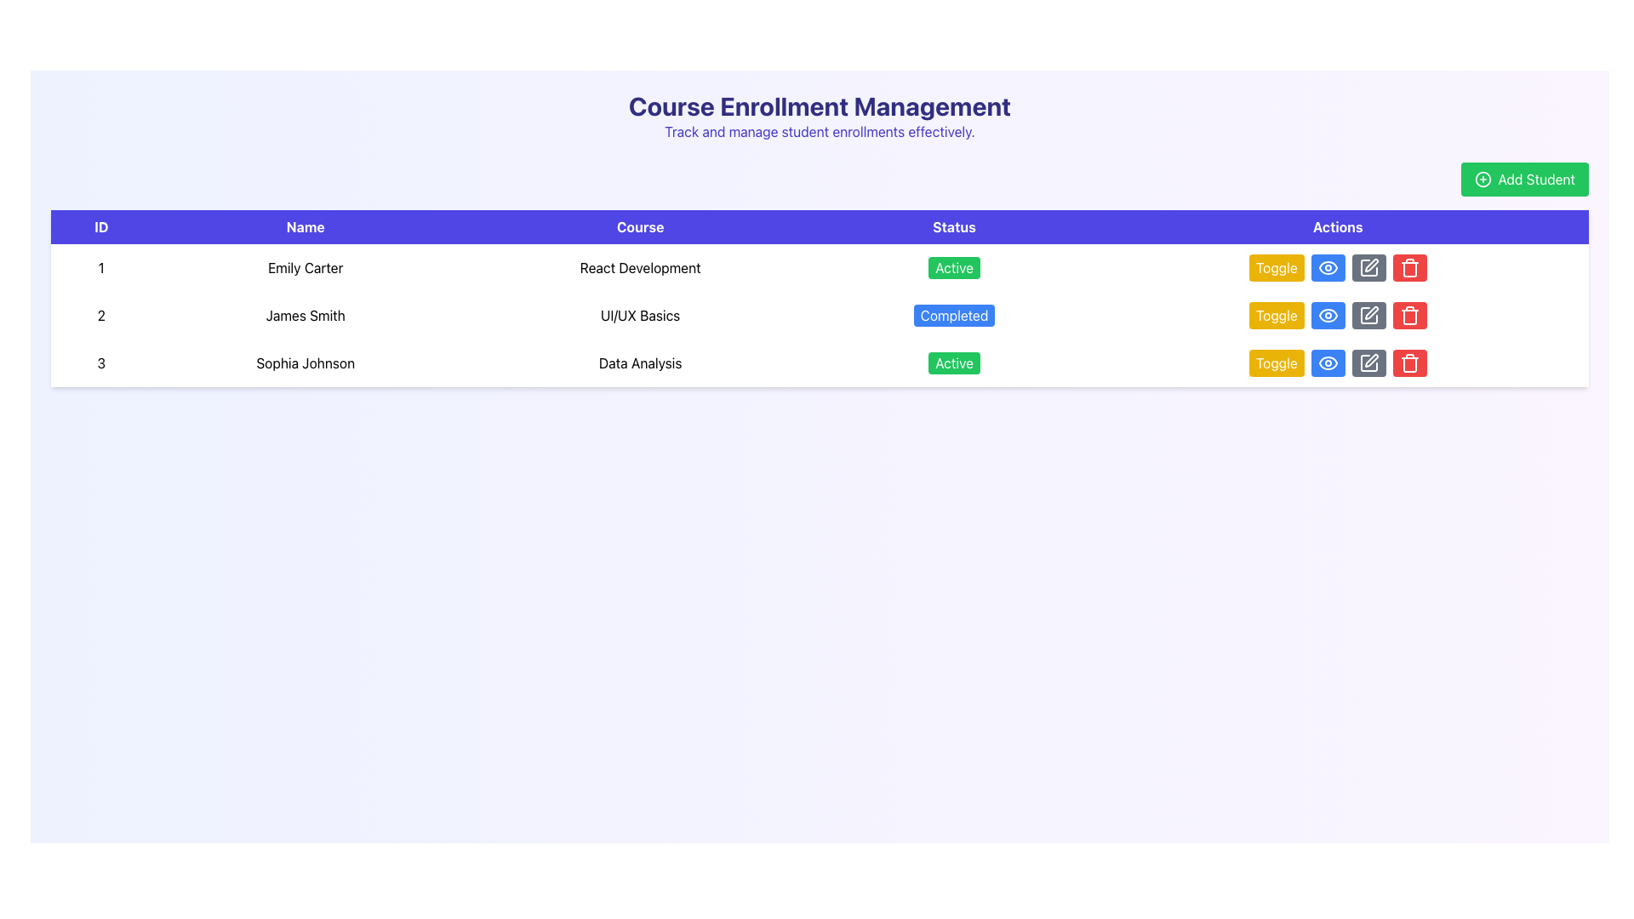 This screenshot has width=1634, height=919. I want to click on the delete button located in the third row of the 'Actions' column in the table, so click(1409, 362).